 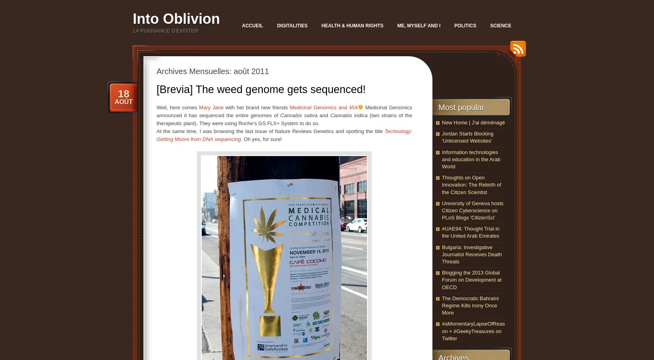 I want to click on 'Août', so click(x=123, y=102).